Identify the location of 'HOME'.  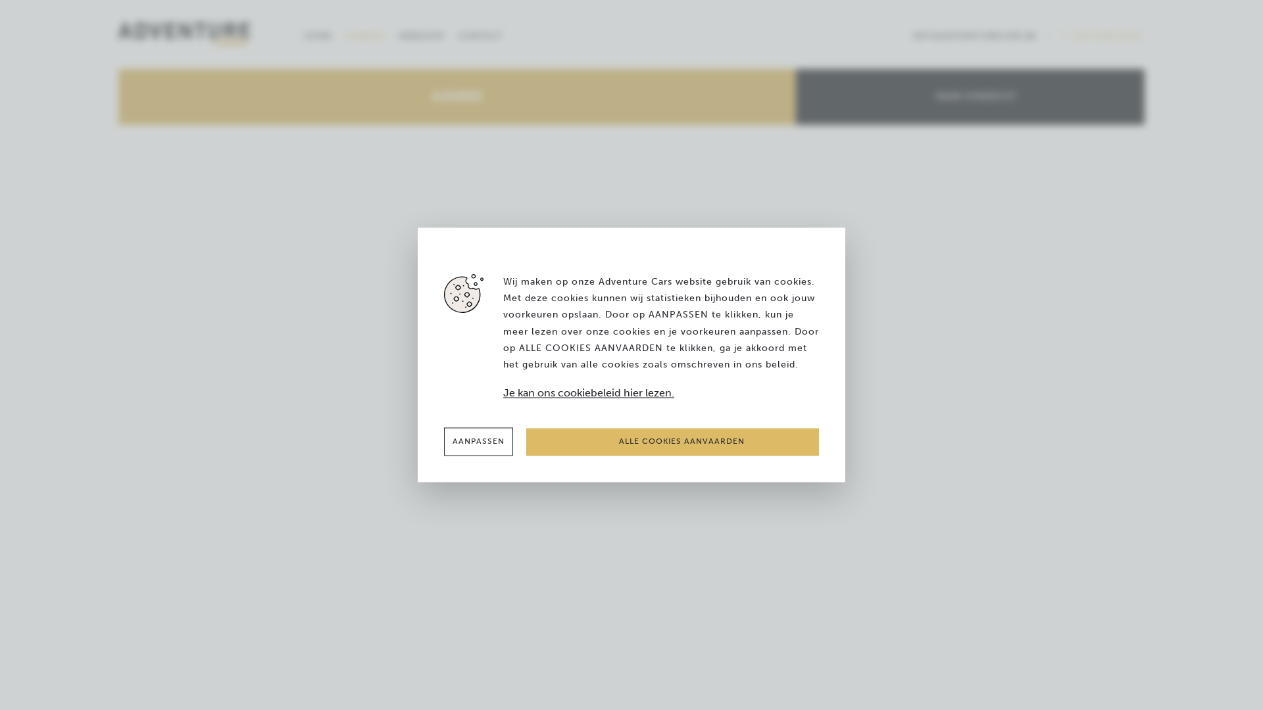
(303, 34).